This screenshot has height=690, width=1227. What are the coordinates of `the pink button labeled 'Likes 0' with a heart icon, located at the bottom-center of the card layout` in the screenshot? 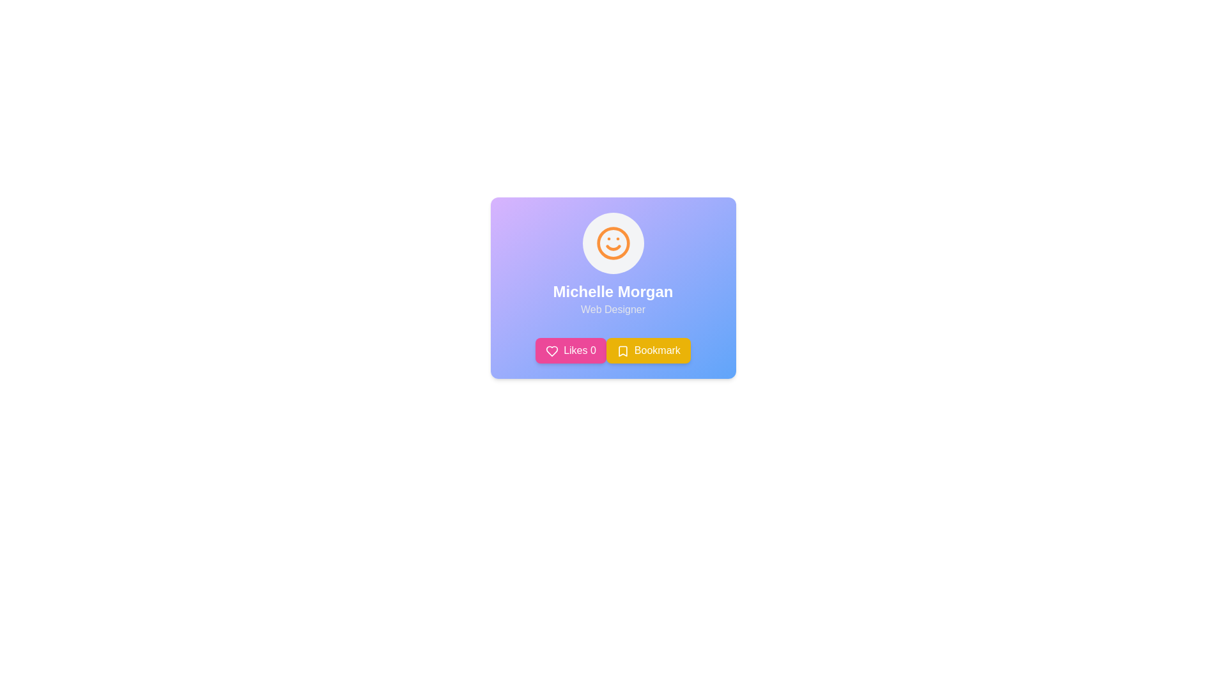 It's located at (570, 350).